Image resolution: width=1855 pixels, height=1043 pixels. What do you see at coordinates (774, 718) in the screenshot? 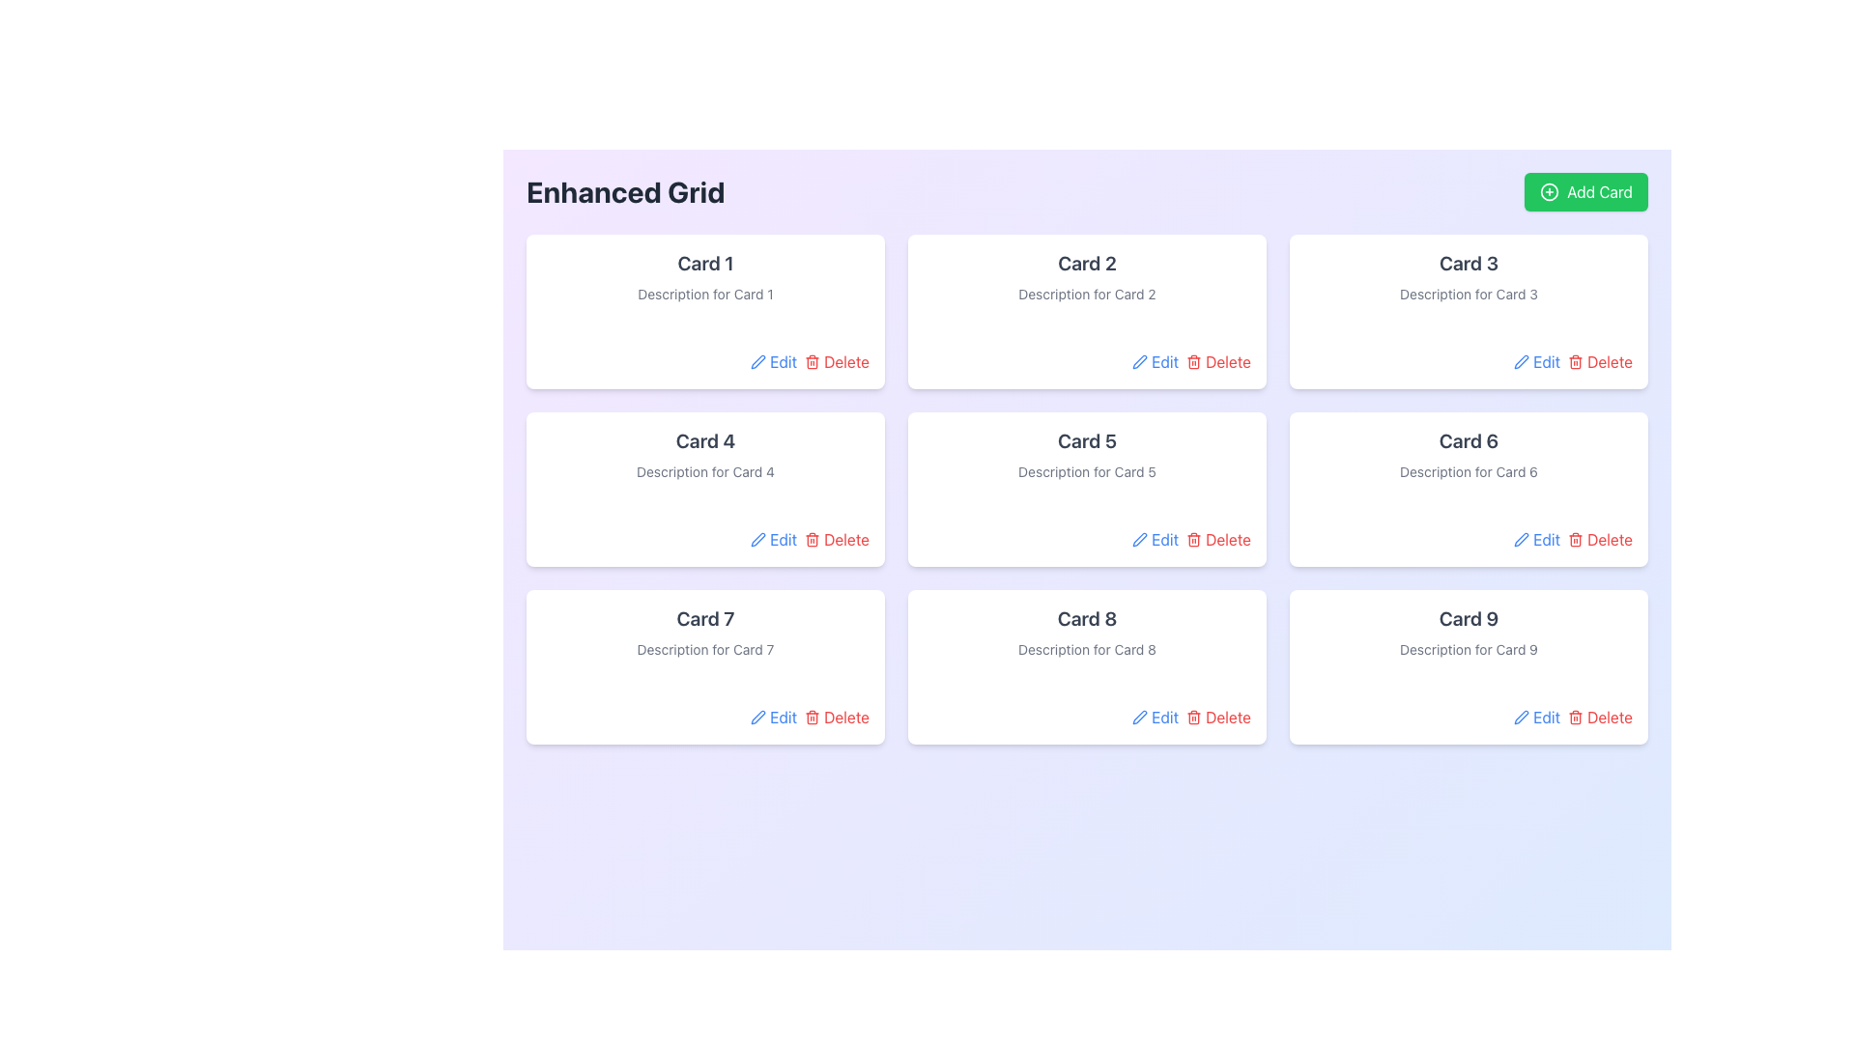
I see `the 'Edit' button with an accompanying icon located at the bottom-left corner of 'Card 7' to change its color` at bounding box center [774, 718].